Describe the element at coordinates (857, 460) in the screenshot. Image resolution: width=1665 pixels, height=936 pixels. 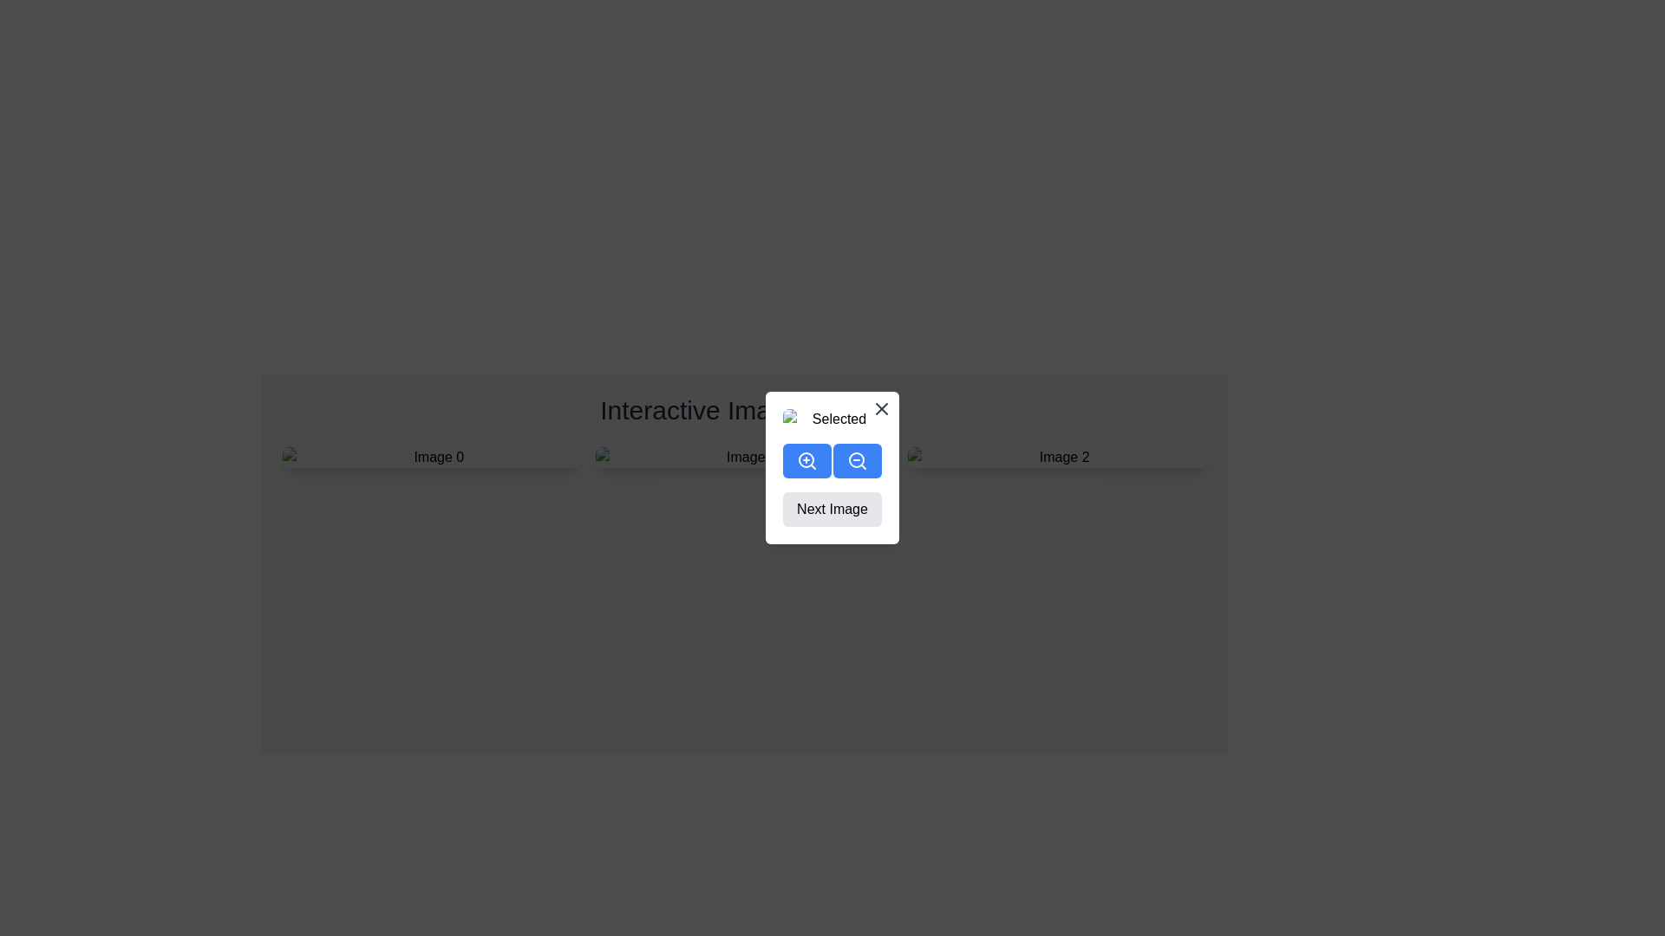
I see `the zoom-out icon located inside the button at the top right section of the modal dialog, which is the second icon from the left within its group` at that location.